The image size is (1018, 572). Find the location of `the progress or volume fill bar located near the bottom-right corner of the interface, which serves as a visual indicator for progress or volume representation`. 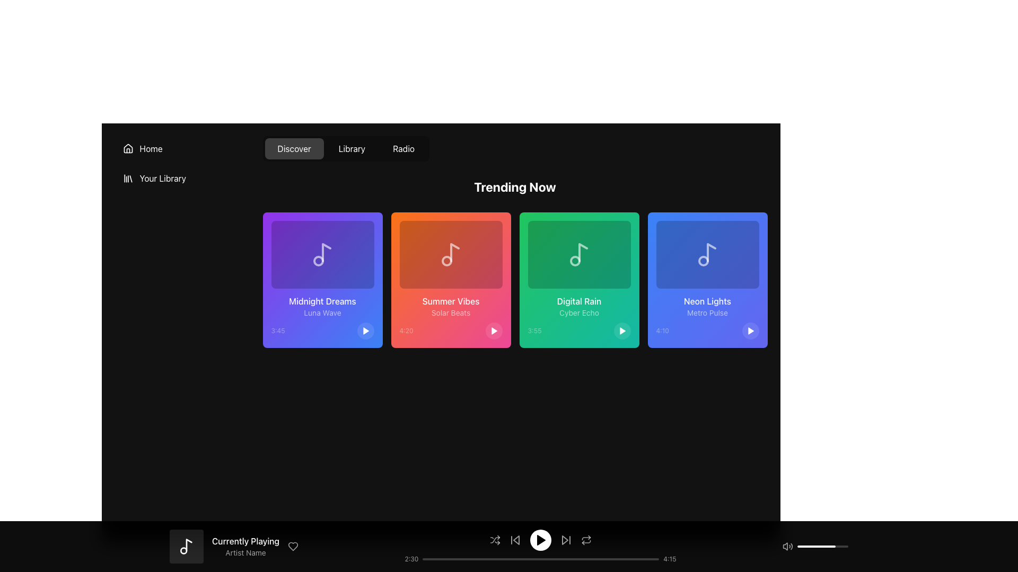

the progress or volume fill bar located near the bottom-right corner of the interface, which serves as a visual indicator for progress or volume representation is located at coordinates (816, 547).